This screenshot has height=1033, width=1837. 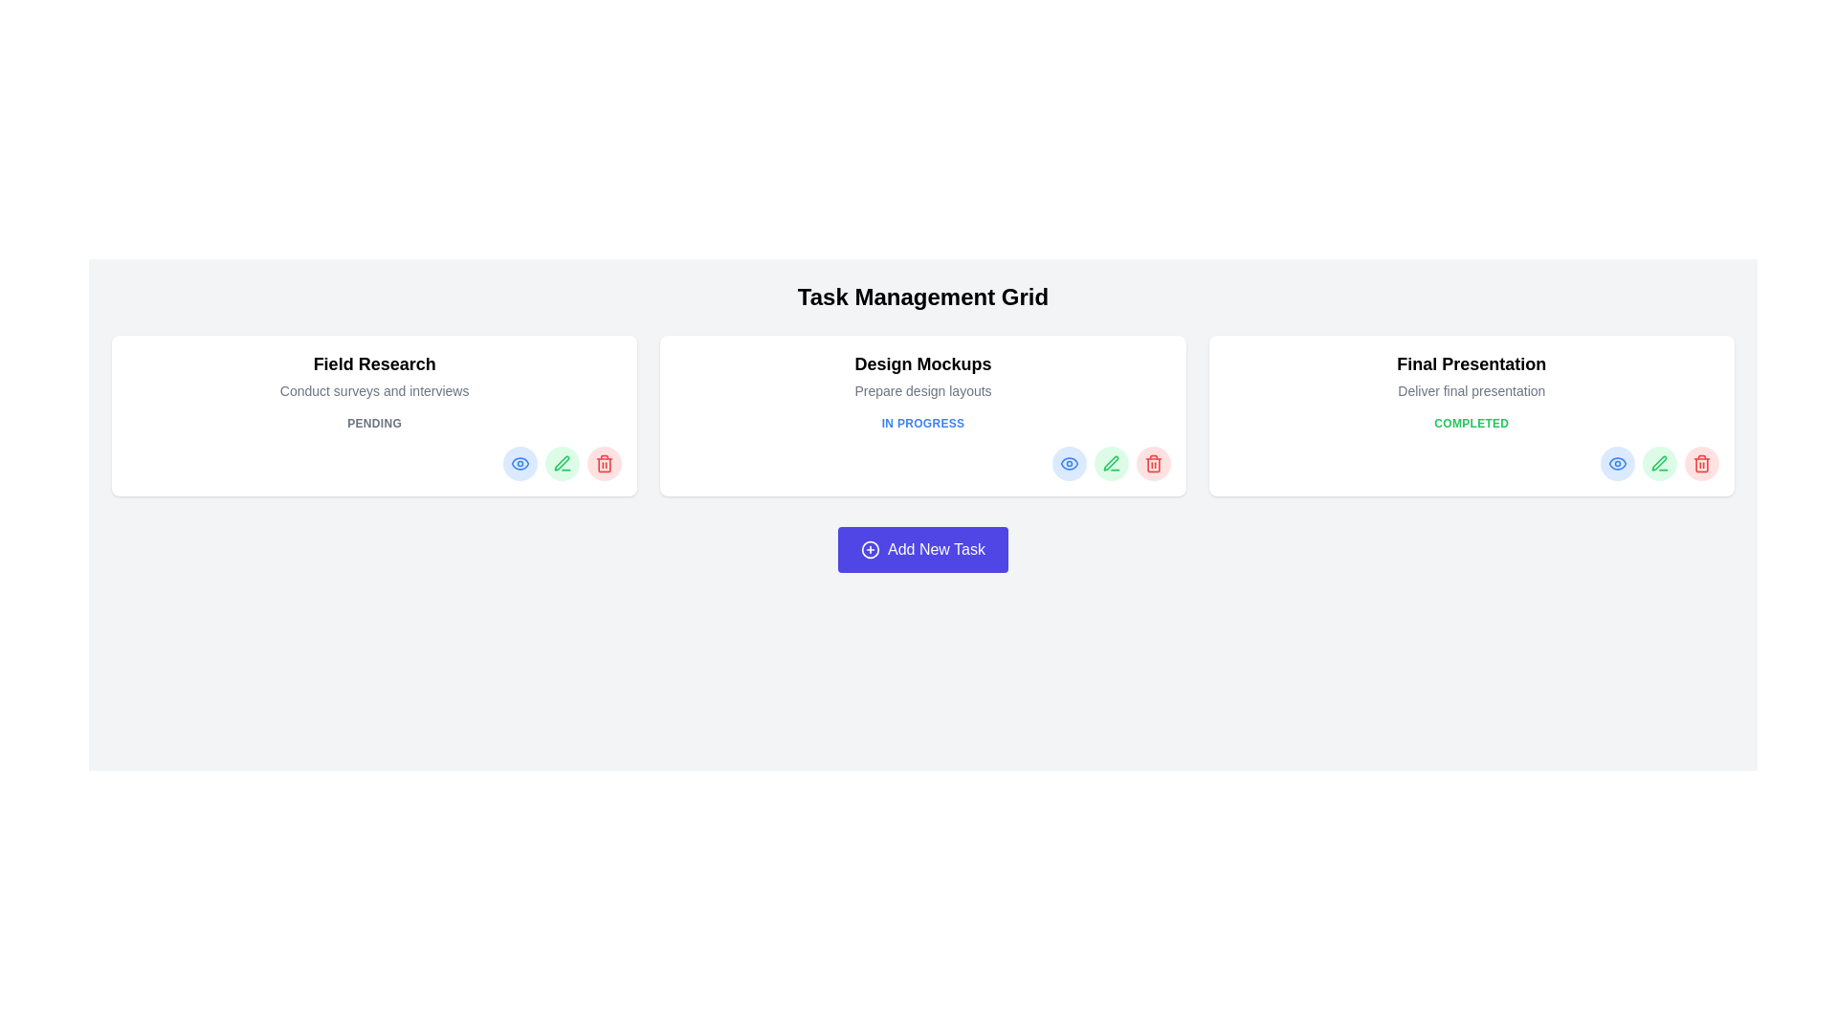 What do you see at coordinates (1658, 464) in the screenshot?
I see `the edit icon button located at the bottom right of the 'Final Presentation' task card to initiate editing` at bounding box center [1658, 464].